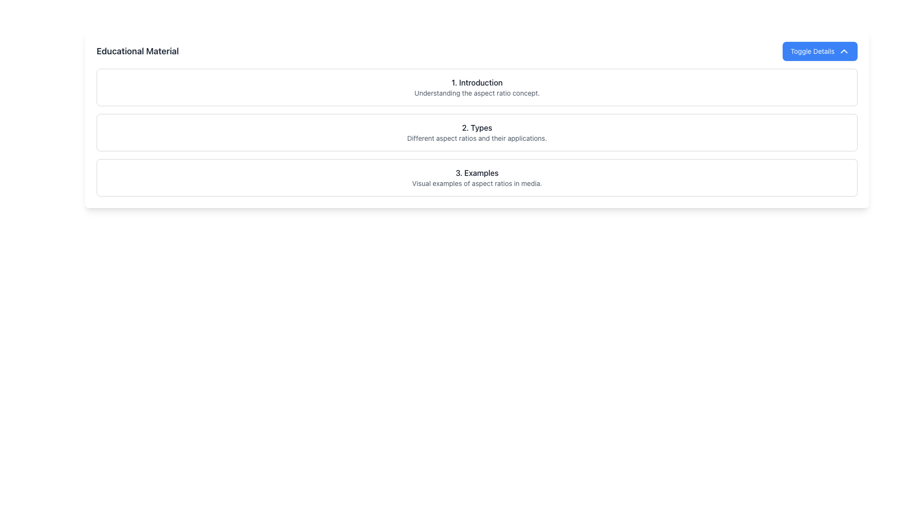 The width and height of the screenshot is (923, 519). I want to click on text element that contains the paragraph 'Understanding the aspect ratio concept.', which is styled in light gray and located beneath the section title '1. Introduction', so click(477, 93).